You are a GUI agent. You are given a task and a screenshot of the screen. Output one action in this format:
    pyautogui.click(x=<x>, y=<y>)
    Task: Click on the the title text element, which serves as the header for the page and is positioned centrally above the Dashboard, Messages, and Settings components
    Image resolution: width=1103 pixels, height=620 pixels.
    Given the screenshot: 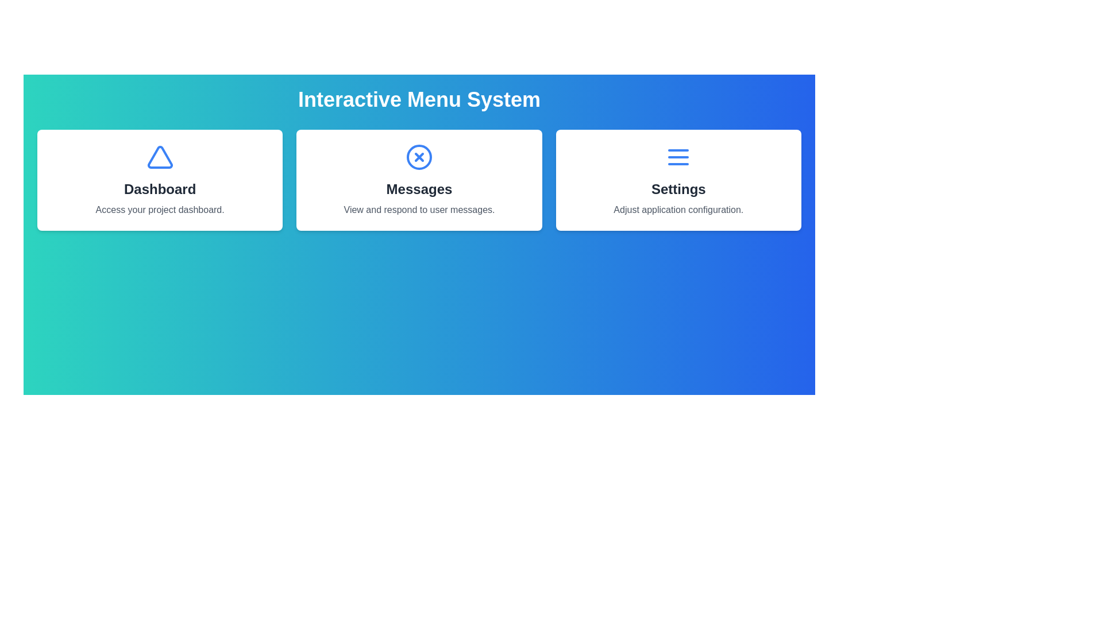 What is the action you would take?
    pyautogui.click(x=418, y=99)
    